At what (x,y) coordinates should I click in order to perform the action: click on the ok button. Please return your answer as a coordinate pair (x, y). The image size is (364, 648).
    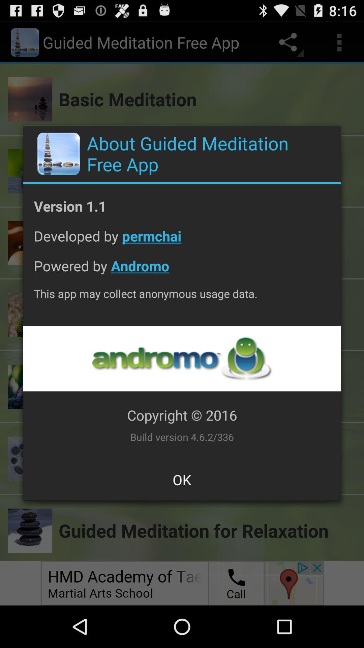
    Looking at the image, I should click on (182, 479).